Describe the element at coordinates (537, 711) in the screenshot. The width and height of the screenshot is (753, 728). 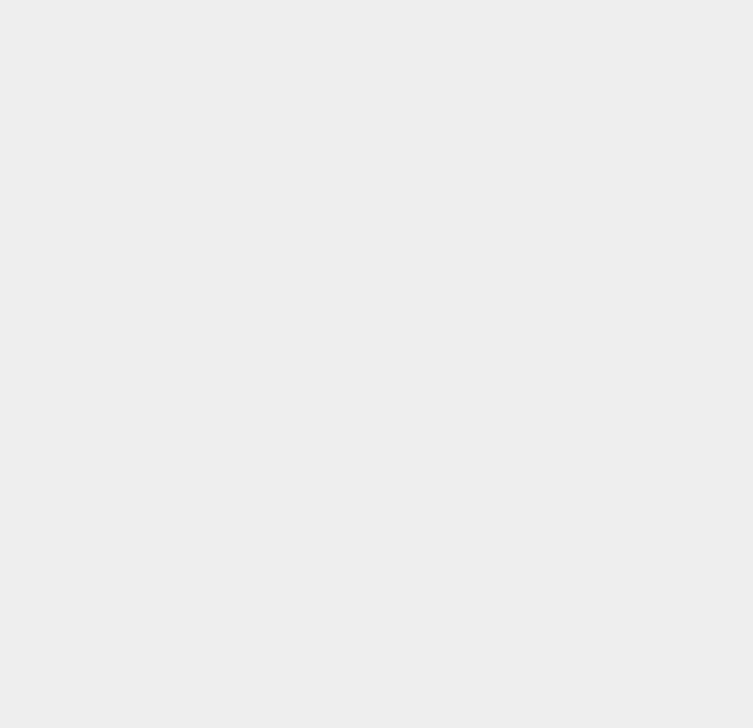
I see `'IP'` at that location.